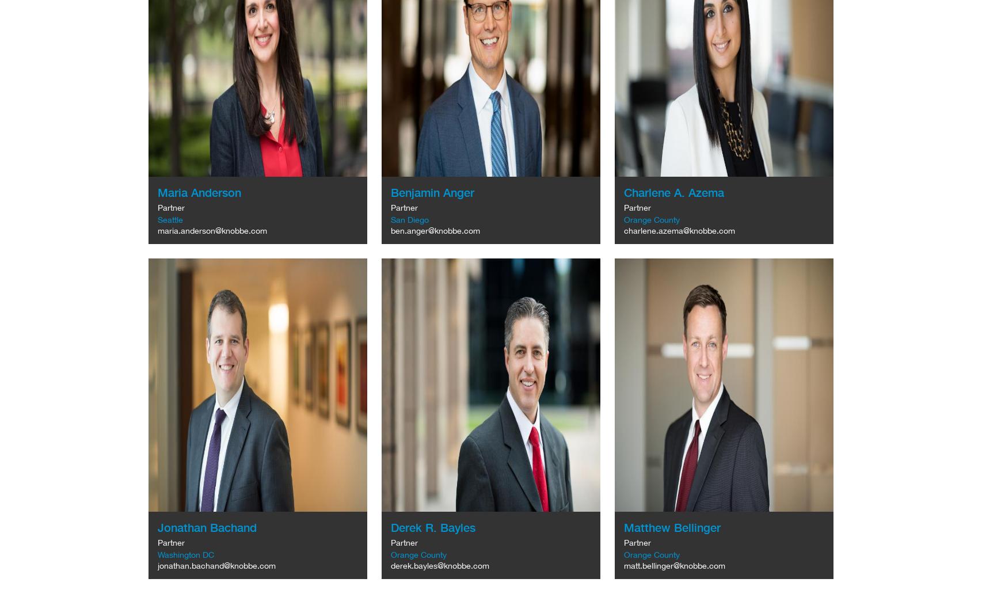  I want to click on 'derek.bayles@knobbe.com', so click(439, 565).